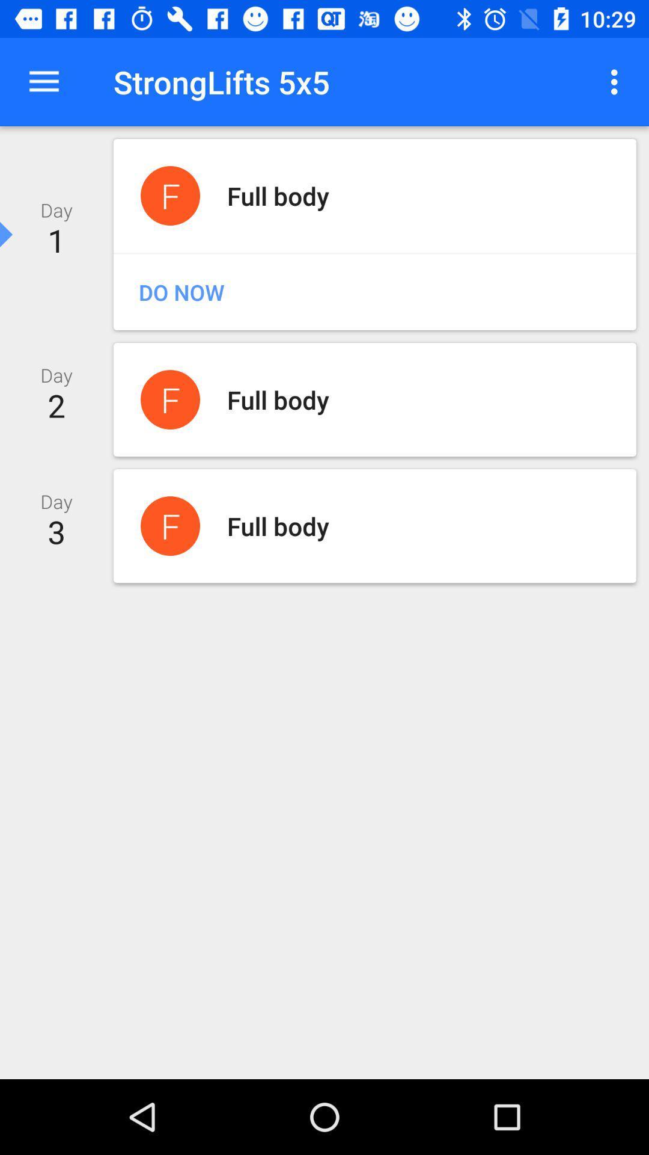 The width and height of the screenshot is (649, 1155). Describe the element at coordinates (617, 81) in the screenshot. I see `the item to the right of the stronglifts 5x5` at that location.